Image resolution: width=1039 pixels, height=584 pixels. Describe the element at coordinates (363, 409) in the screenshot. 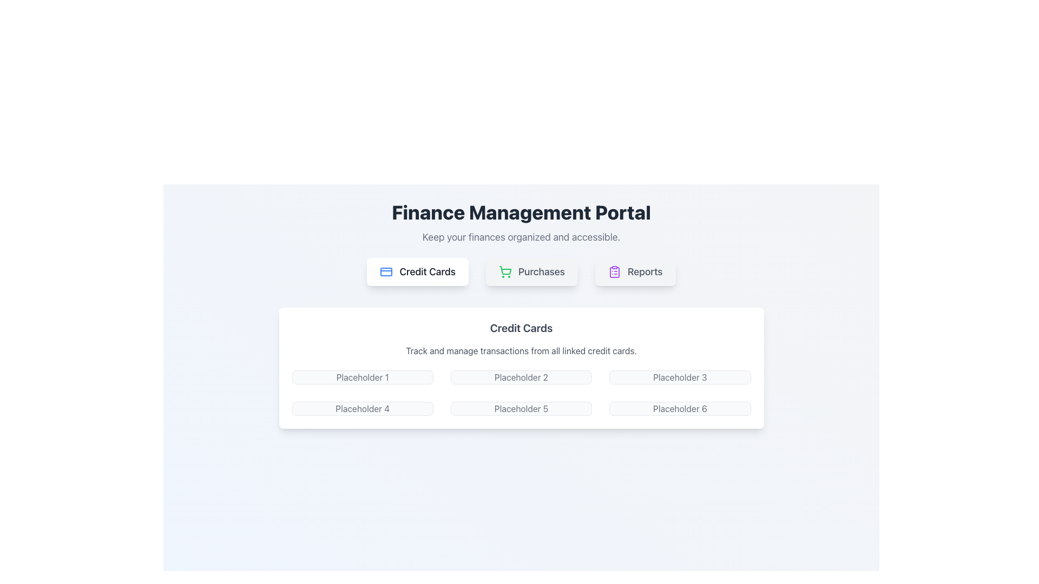

I see `the label component indicating 'Credit Cards' in the bottom row of the grid layout` at that location.